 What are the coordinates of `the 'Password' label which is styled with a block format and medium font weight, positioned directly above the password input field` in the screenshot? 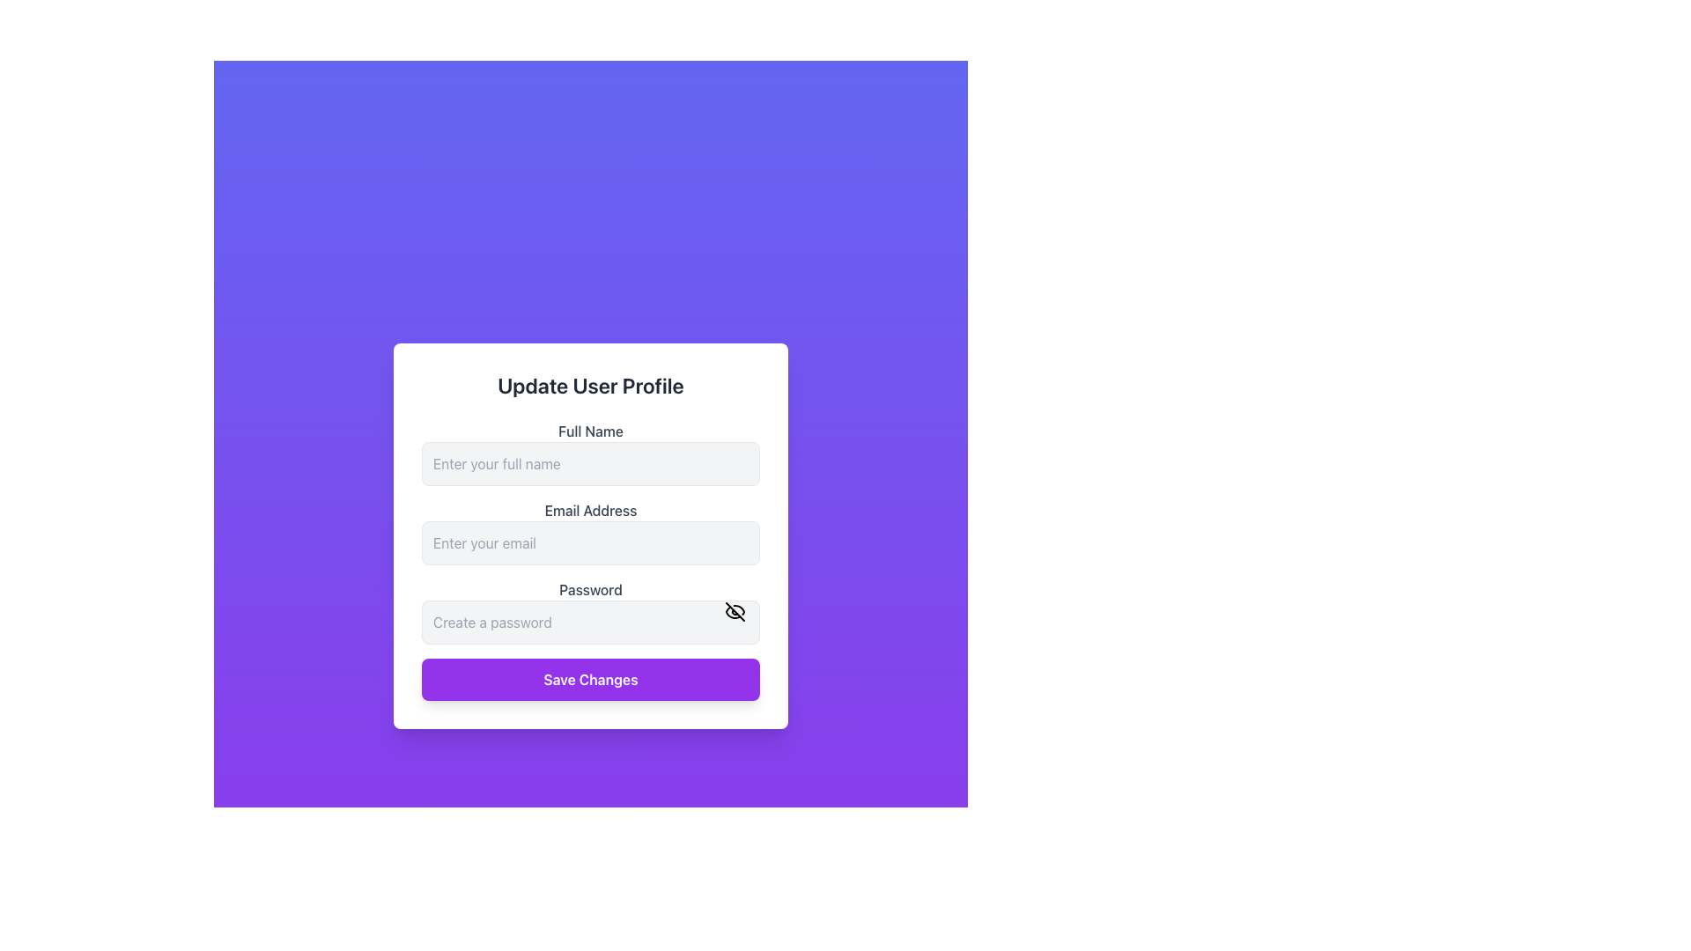 It's located at (591, 590).